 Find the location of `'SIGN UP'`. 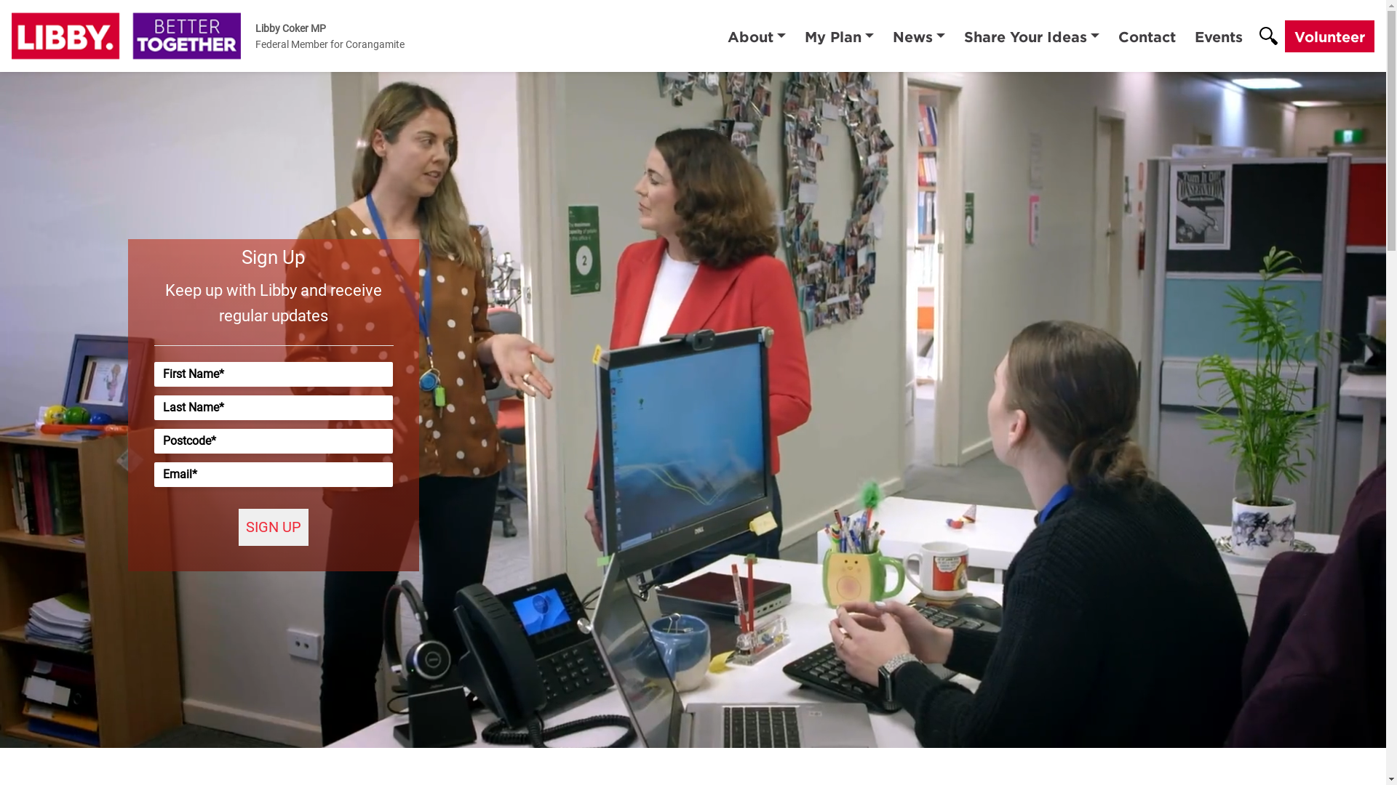

'SIGN UP' is located at coordinates (273, 527).